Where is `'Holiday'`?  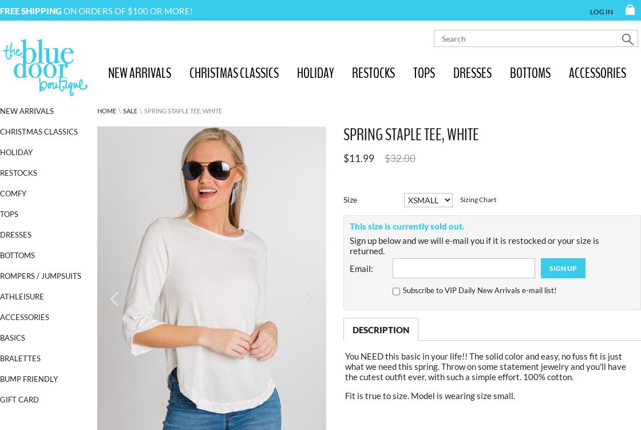 'Holiday' is located at coordinates (16, 152).